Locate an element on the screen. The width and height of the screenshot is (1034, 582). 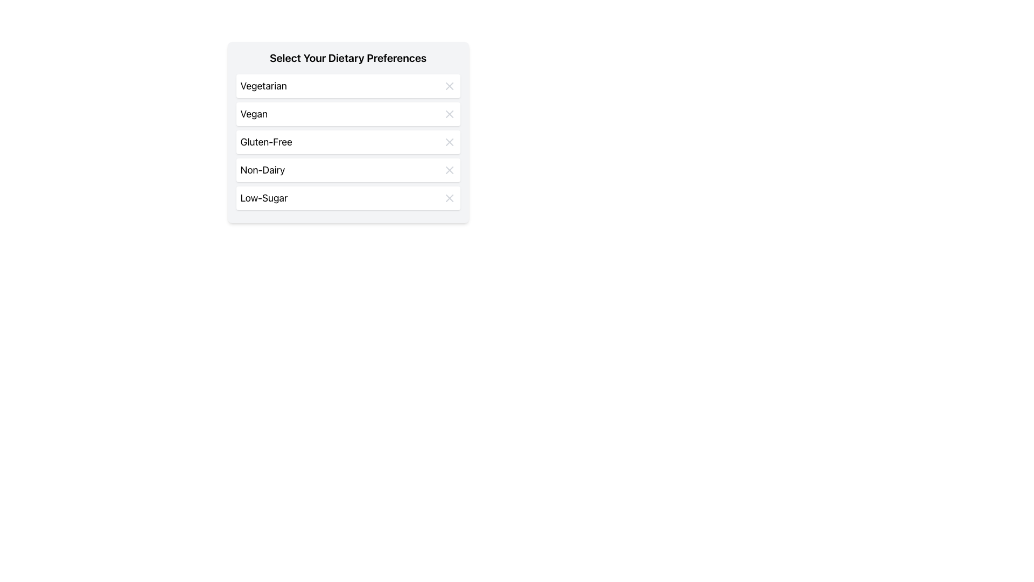
the fourth item in the dietary preferences list, which has an 'X' for removal is located at coordinates (348, 170).